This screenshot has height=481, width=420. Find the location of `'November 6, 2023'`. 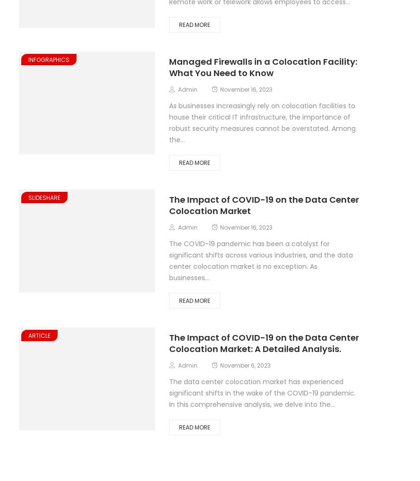

'November 6, 2023' is located at coordinates (245, 365).